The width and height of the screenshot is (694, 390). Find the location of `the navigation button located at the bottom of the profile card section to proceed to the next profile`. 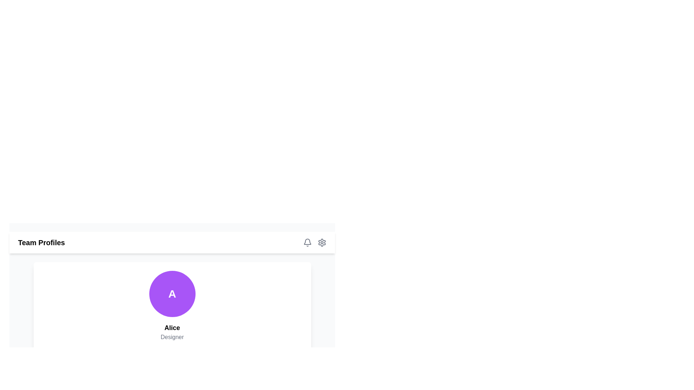

the navigation button located at the bottom of the profile card section to proceed to the next profile is located at coordinates (172, 357).